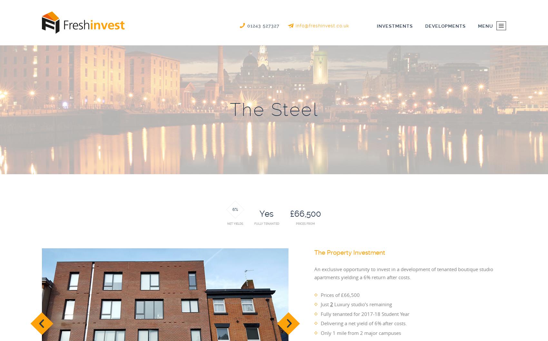 This screenshot has width=548, height=341. What do you see at coordinates (502, 81) in the screenshot?
I see `'Investments'` at bounding box center [502, 81].